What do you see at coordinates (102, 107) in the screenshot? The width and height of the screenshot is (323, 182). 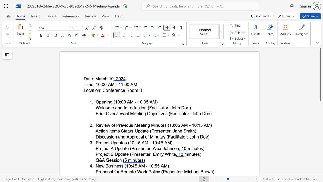 I see `the 1th character "l" in the text` at bounding box center [102, 107].